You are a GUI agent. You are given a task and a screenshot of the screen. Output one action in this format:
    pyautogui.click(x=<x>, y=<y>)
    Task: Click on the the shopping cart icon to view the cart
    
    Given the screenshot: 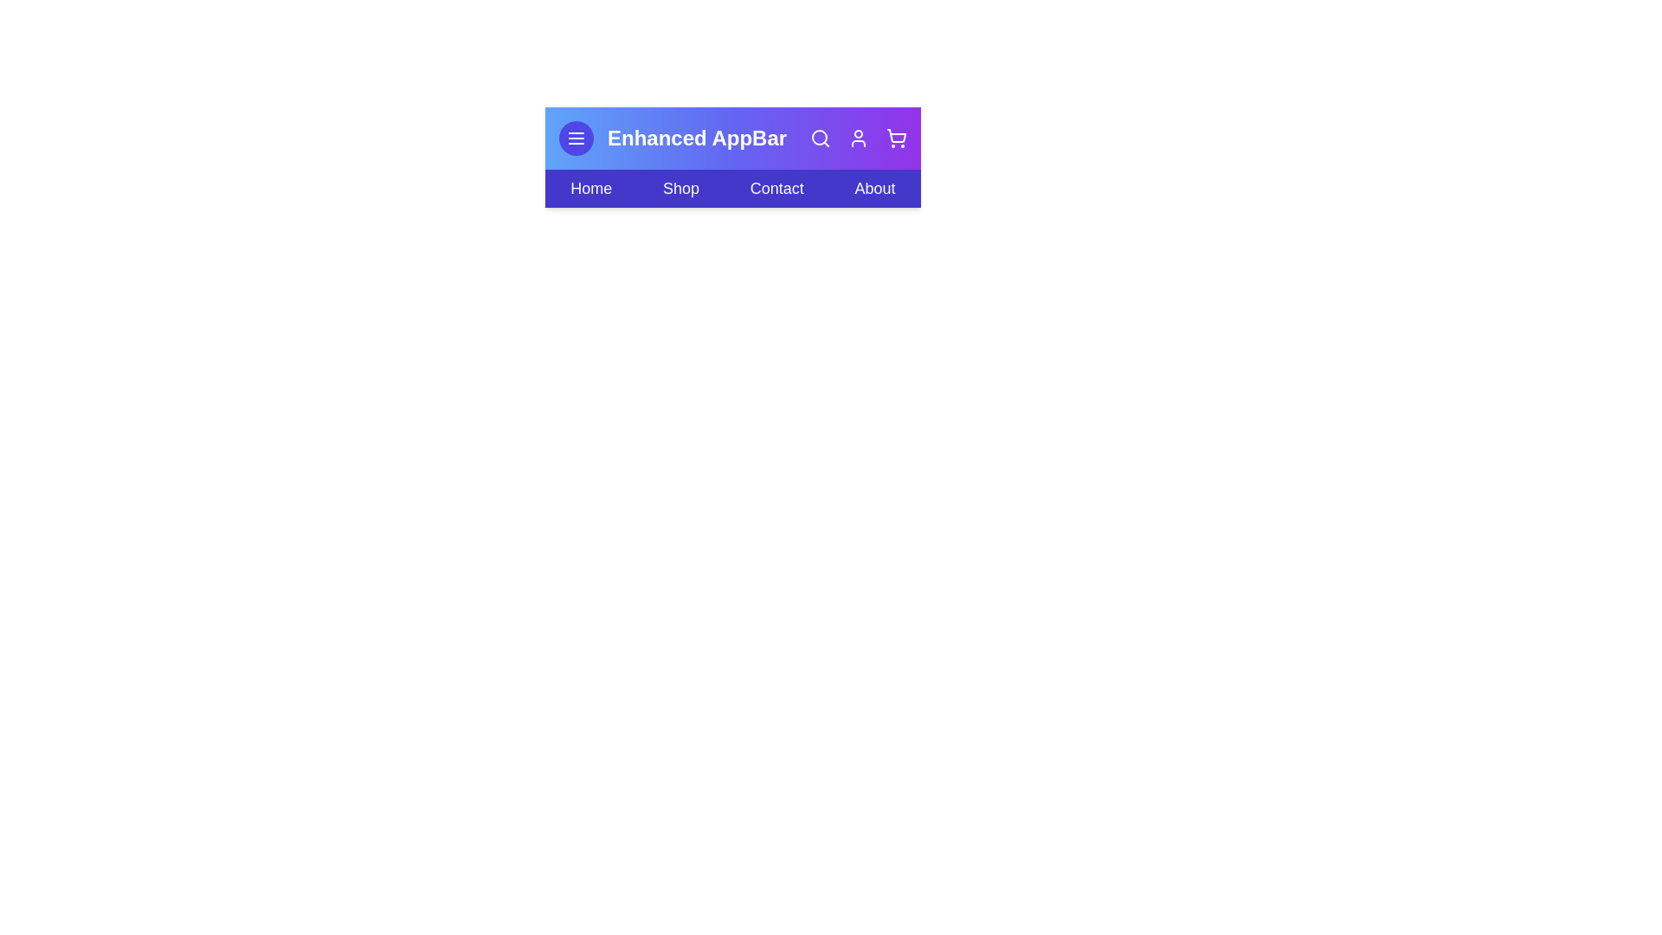 What is the action you would take?
    pyautogui.click(x=897, y=137)
    